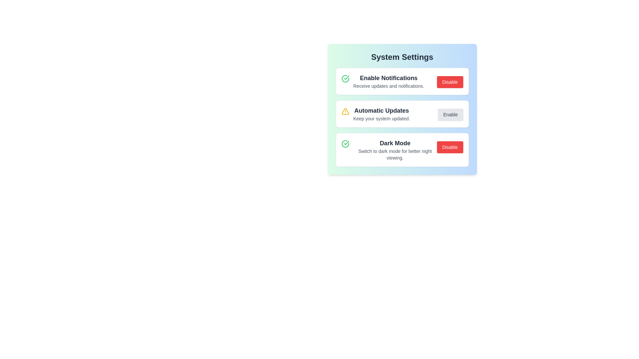 The image size is (639, 359). Describe the element at coordinates (402, 57) in the screenshot. I see `the header text 'System Settings'` at that location.